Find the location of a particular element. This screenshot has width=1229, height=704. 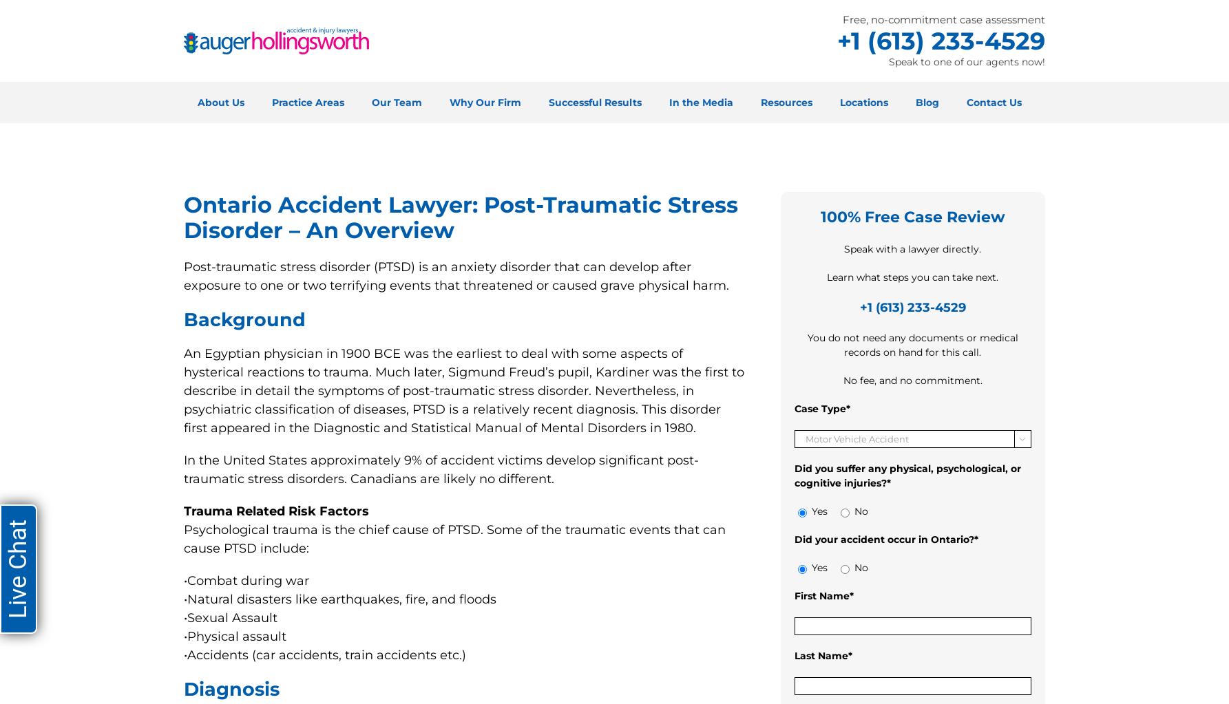

'Locations' is located at coordinates (863, 101).